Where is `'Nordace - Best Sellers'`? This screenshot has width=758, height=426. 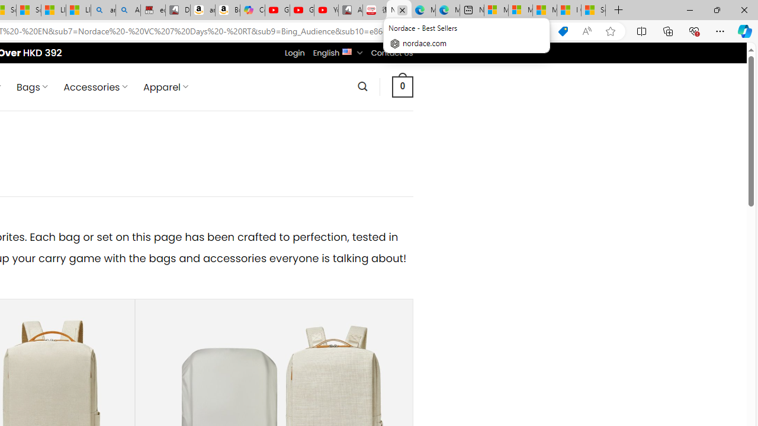 'Nordace - Best Sellers' is located at coordinates (399, 10).